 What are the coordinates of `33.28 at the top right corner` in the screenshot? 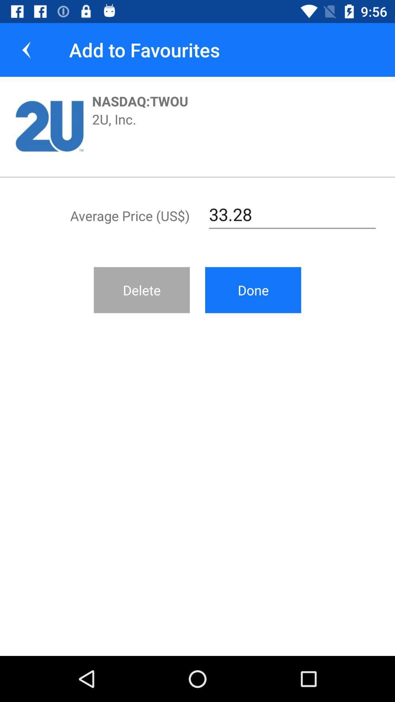 It's located at (292, 214).